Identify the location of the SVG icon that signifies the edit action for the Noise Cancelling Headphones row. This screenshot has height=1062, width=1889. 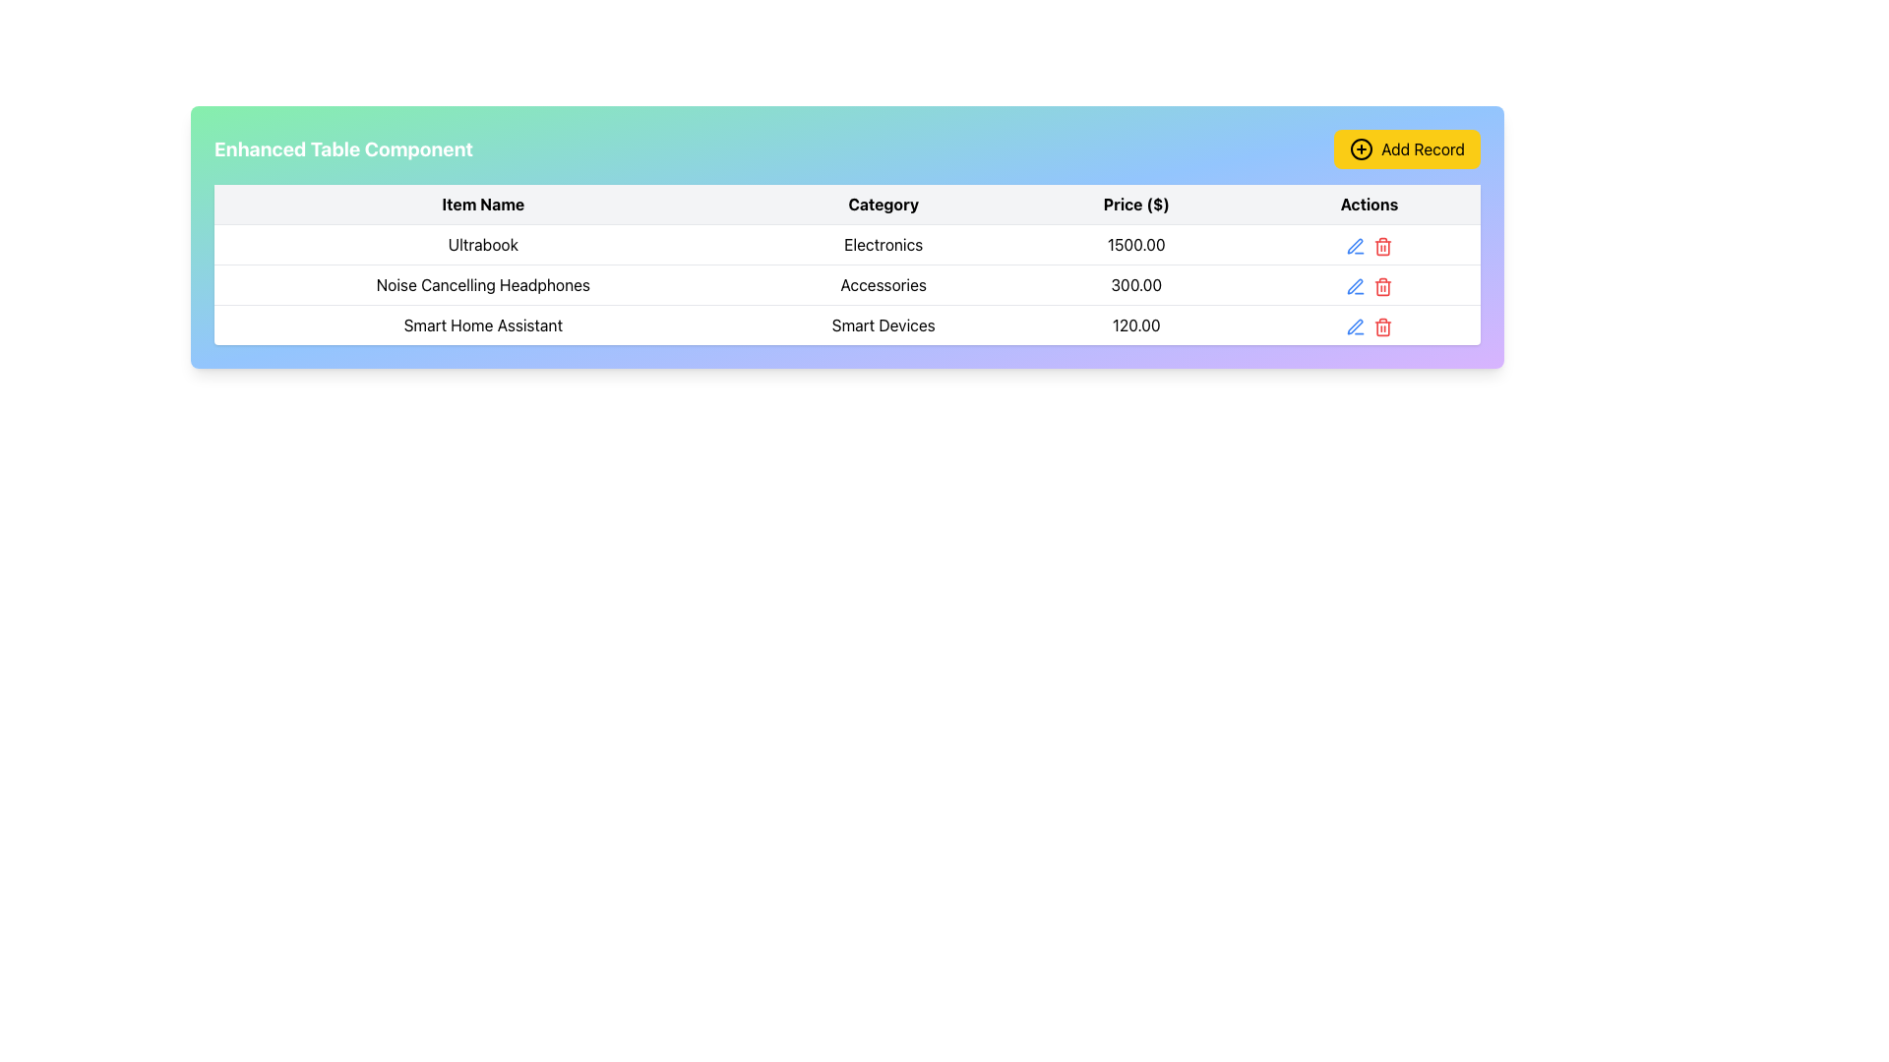
(1354, 286).